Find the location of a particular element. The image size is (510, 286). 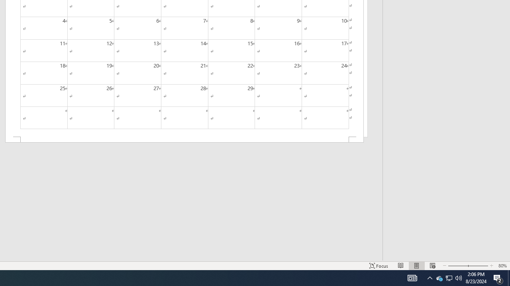

'Focus ' is located at coordinates (379, 266).